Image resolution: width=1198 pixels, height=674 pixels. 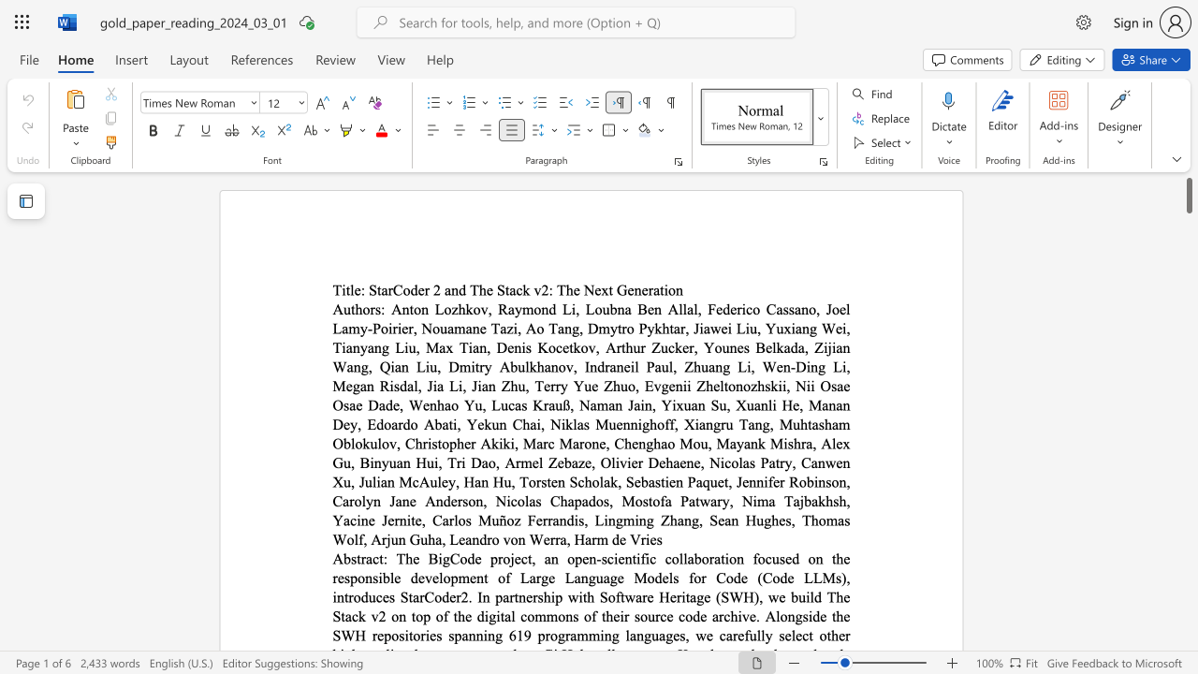 I want to click on the vertical scrollbar to lower the page content, so click(x=1188, y=494).